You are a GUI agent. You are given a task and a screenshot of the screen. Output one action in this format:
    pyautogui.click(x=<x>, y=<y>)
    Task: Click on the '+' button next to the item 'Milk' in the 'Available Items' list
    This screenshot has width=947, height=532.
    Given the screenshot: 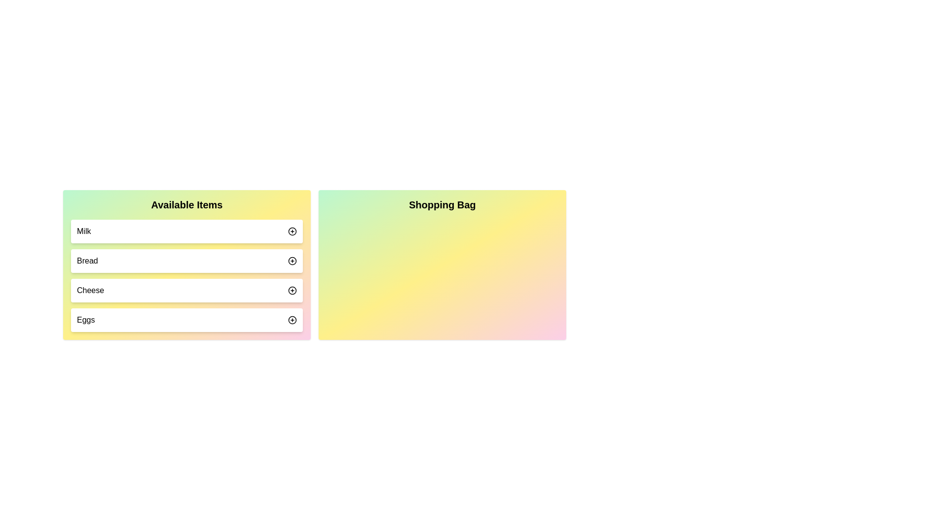 What is the action you would take?
    pyautogui.click(x=292, y=232)
    